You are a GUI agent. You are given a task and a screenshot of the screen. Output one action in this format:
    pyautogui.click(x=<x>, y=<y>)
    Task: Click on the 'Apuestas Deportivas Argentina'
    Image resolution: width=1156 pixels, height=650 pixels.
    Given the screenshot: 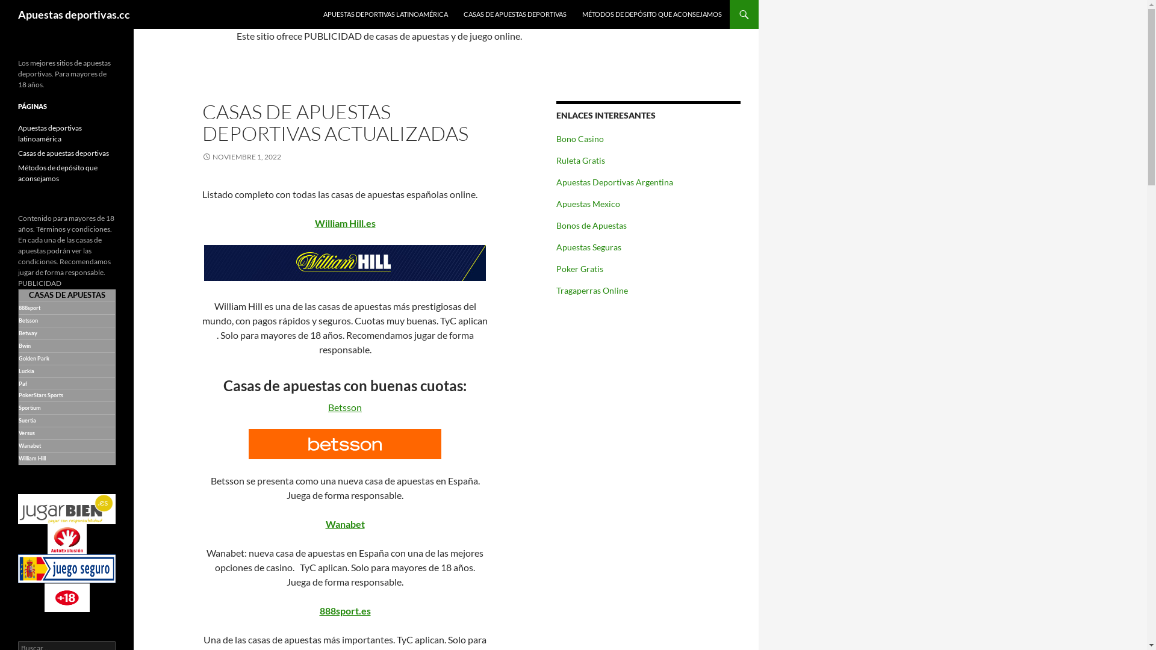 What is the action you would take?
    pyautogui.click(x=615, y=182)
    